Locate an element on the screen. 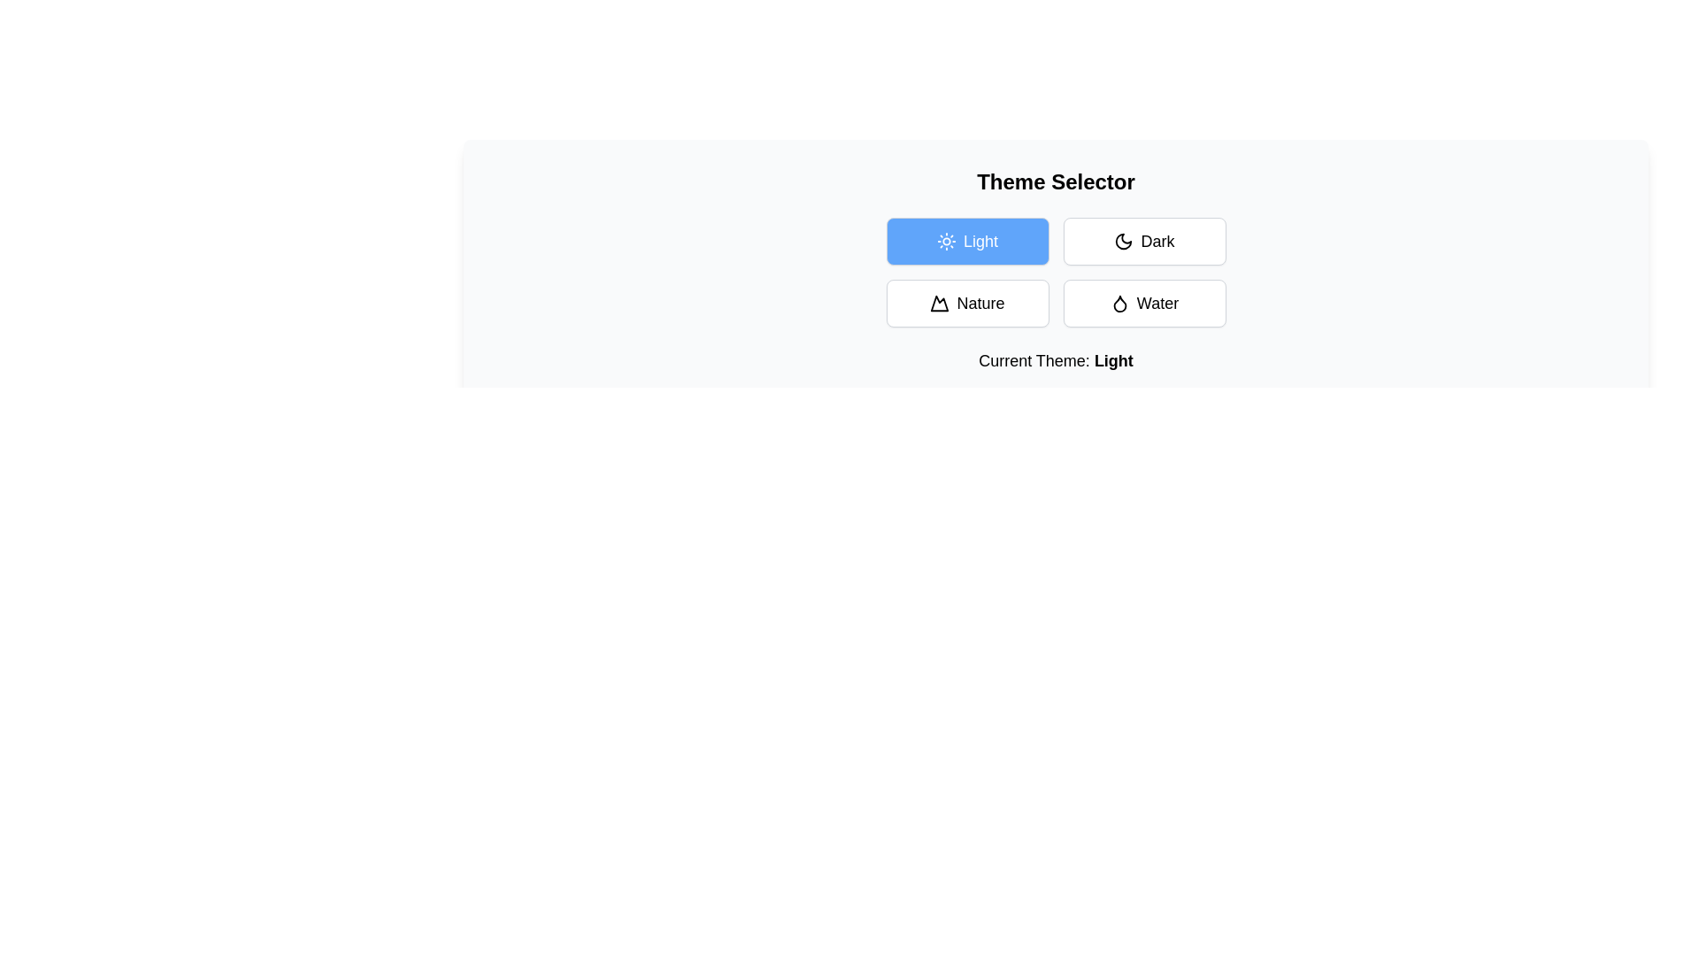  the crescent moon icon within the 'Dark' button in the theme selector interface is located at coordinates (1123, 242).